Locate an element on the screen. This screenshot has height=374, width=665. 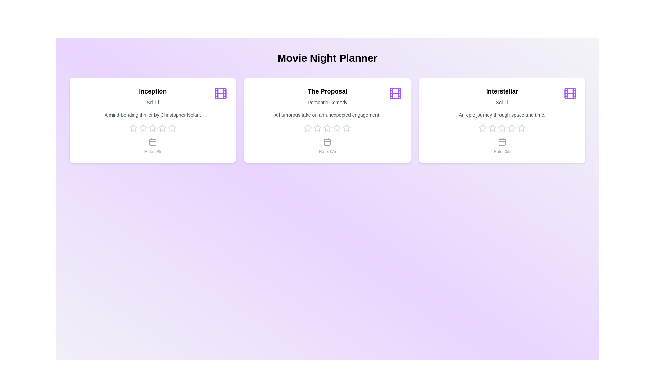
the calendar icon for the movie card Inception is located at coordinates (152, 141).